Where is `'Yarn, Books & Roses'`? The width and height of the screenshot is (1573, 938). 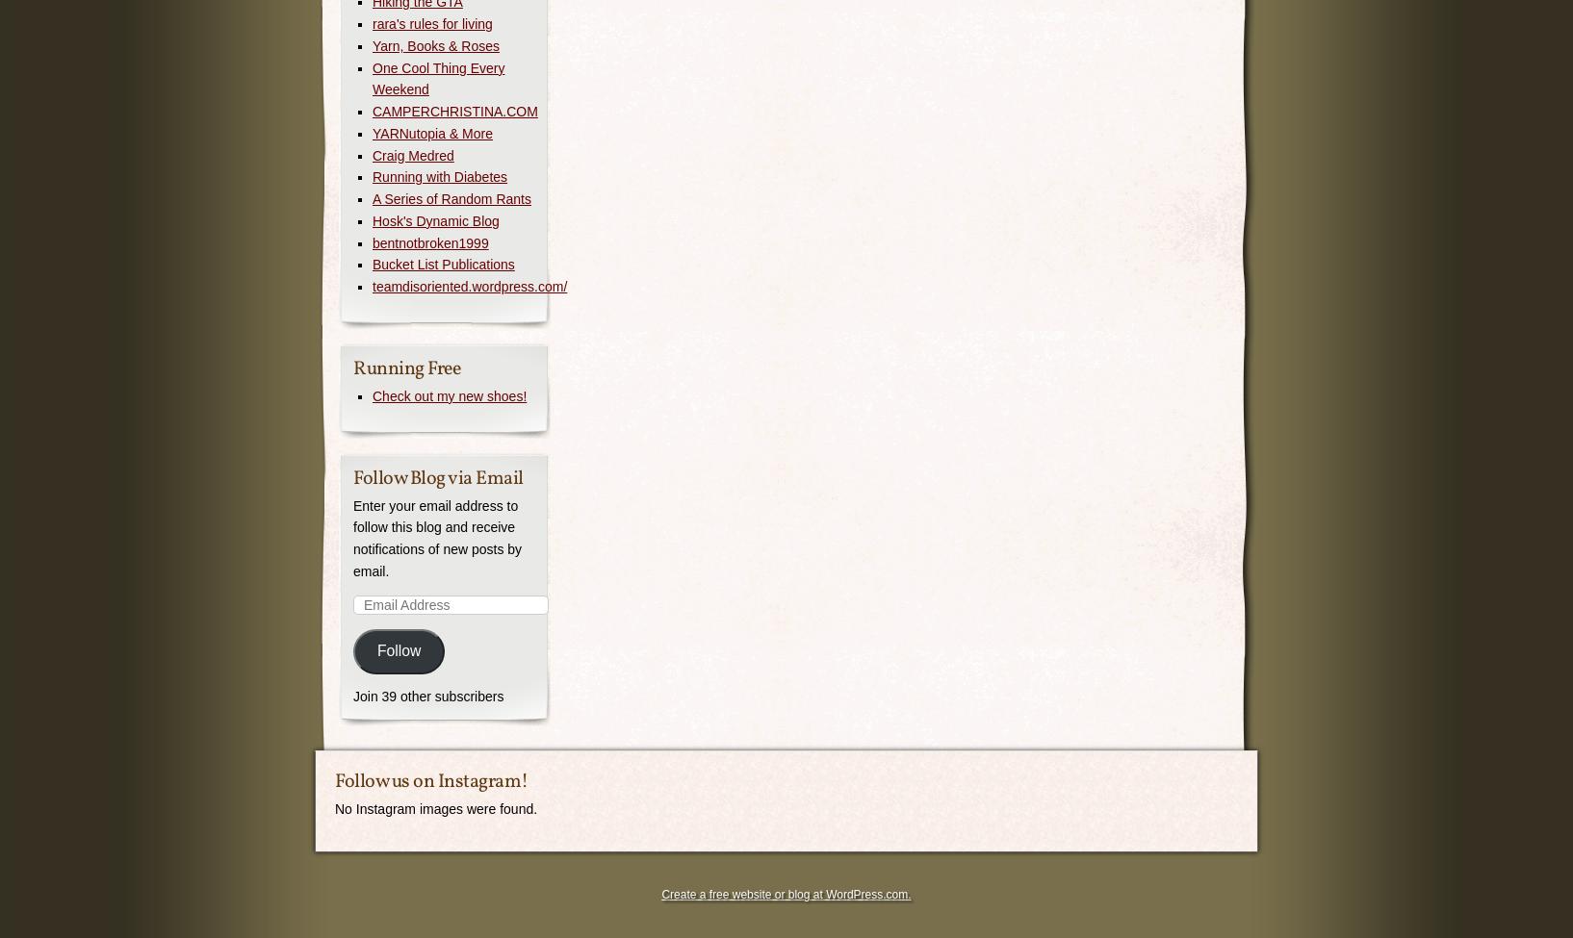
'Yarn, Books & Roses' is located at coordinates (435, 44).